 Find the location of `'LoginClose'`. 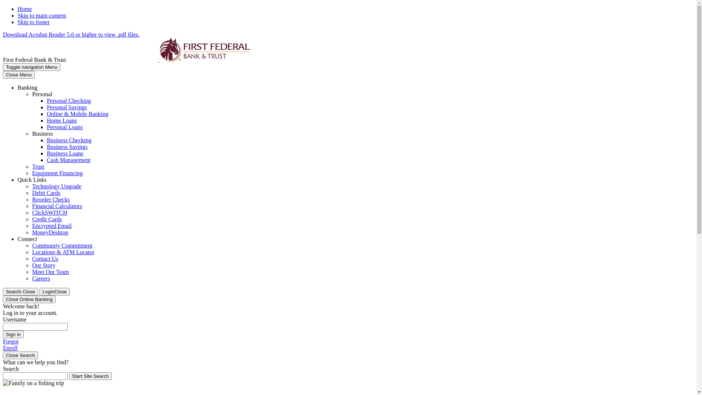

'LoginClose' is located at coordinates (54, 291).